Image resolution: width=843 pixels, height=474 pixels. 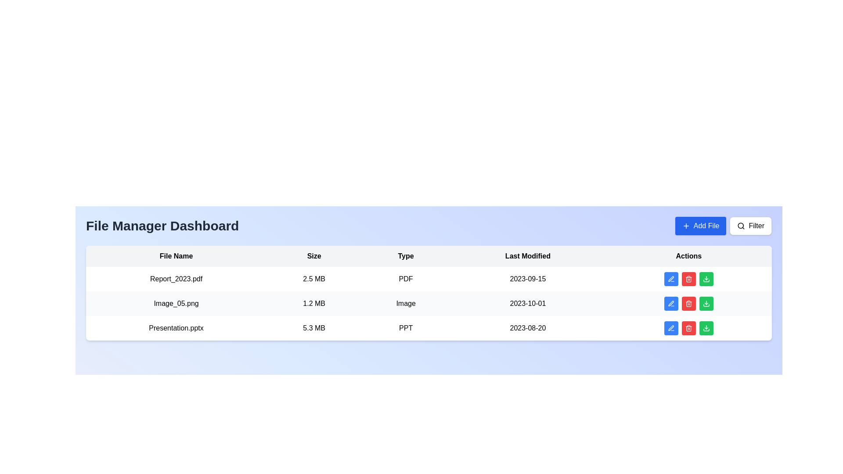 What do you see at coordinates (527, 328) in the screenshot?
I see `the text label displaying the date '2023-08-20' in the 'Last Modified' column of the row for 'Presentation.pptx'` at bounding box center [527, 328].